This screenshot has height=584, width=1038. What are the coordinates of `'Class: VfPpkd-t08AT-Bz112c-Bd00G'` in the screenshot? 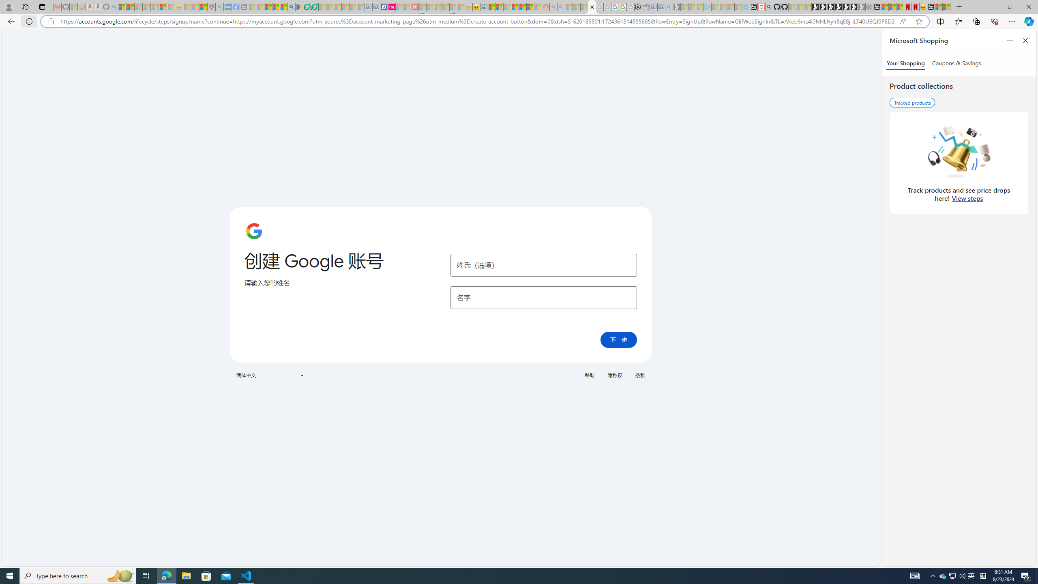 It's located at (301, 375).